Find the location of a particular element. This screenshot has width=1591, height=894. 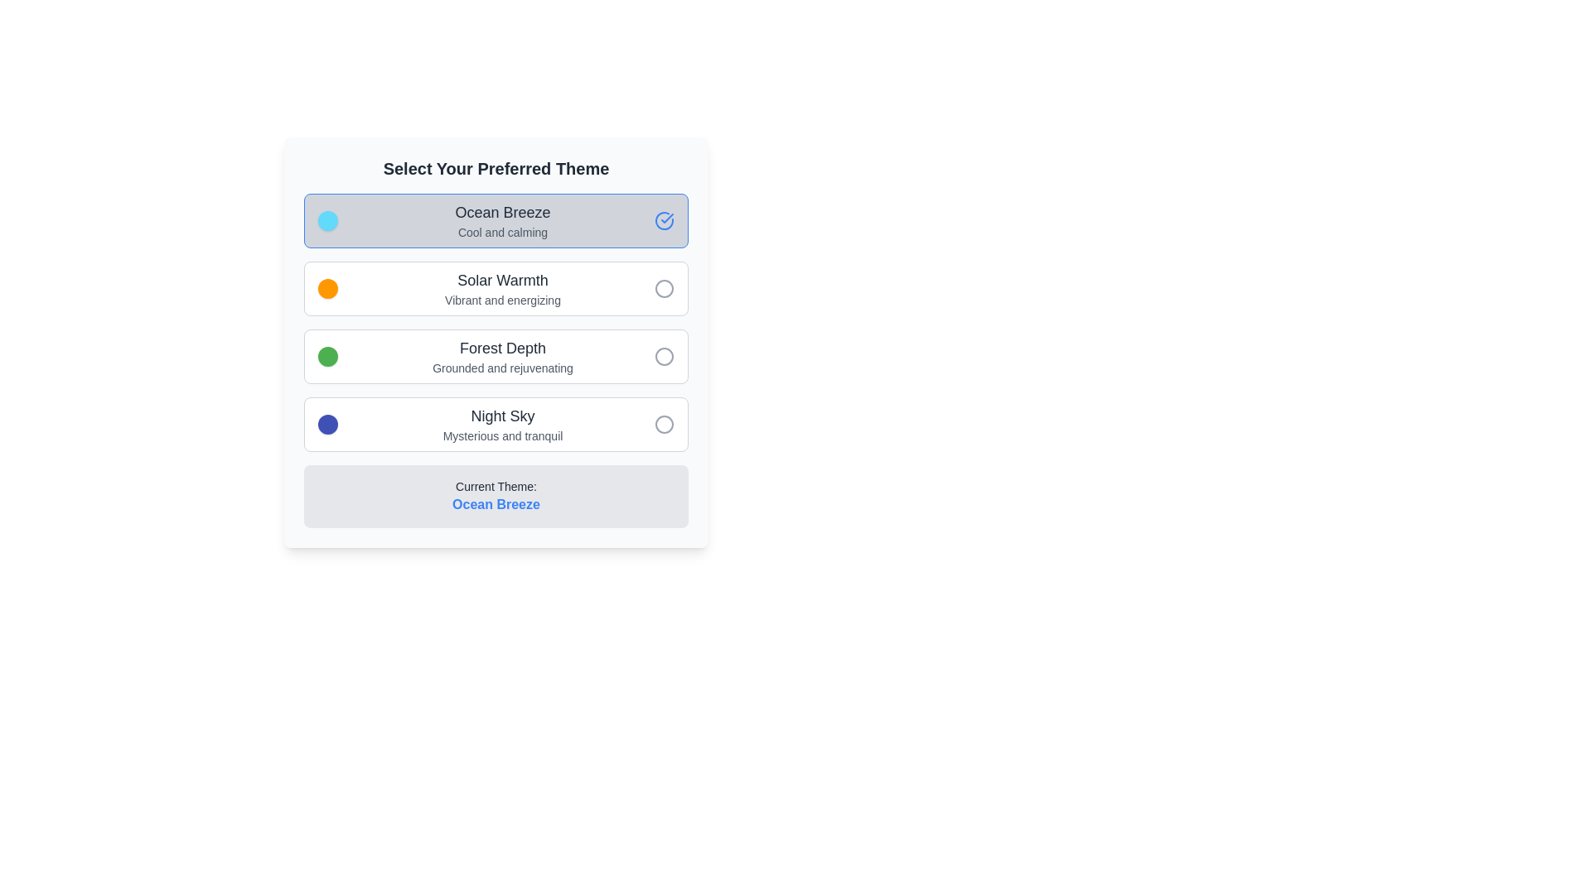

the small circular Color indicator with a blue background located in the 'Night Sky' themed section under 'Select Your Preferred Theme' is located at coordinates (327, 424).